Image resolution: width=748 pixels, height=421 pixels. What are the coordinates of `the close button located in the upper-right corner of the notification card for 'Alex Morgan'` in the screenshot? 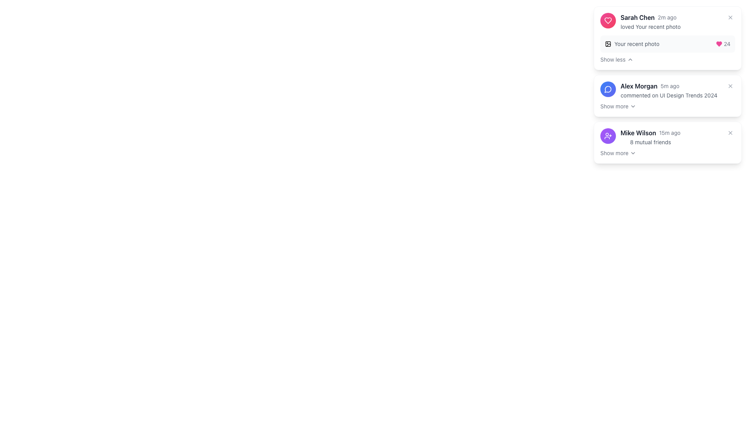 It's located at (730, 86).